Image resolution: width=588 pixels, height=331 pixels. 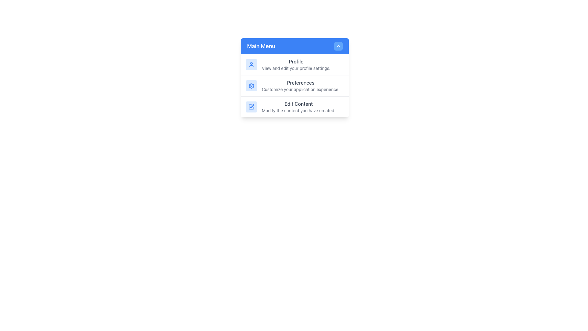 What do you see at coordinates (261, 46) in the screenshot?
I see `text label indicating 'Main Menu' located in the top-left portion of the blue header section` at bounding box center [261, 46].